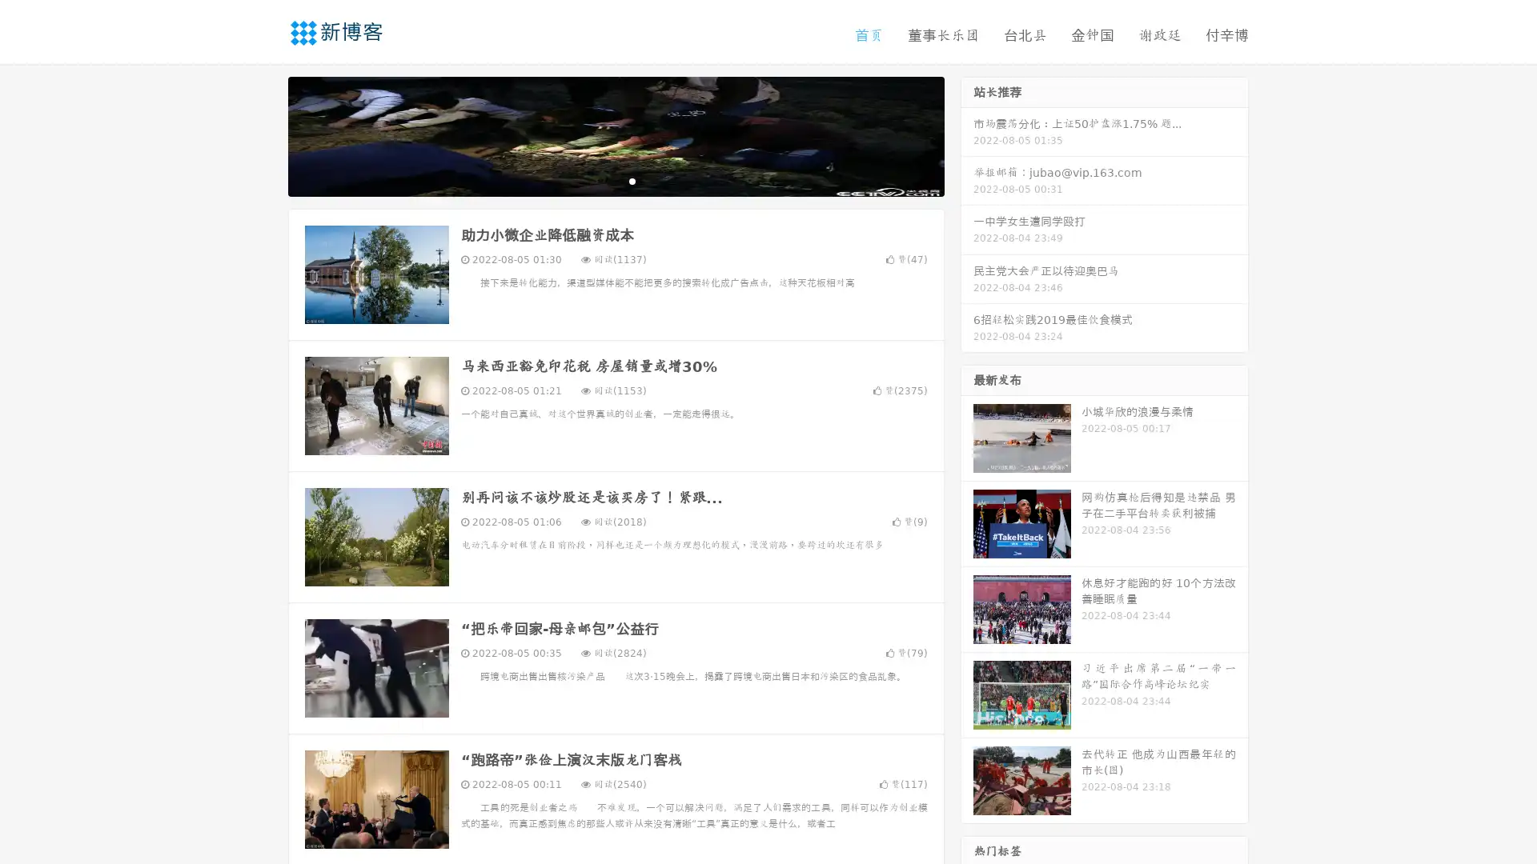 The width and height of the screenshot is (1537, 864). What do you see at coordinates (615, 180) in the screenshot?
I see `Go to slide 2` at bounding box center [615, 180].